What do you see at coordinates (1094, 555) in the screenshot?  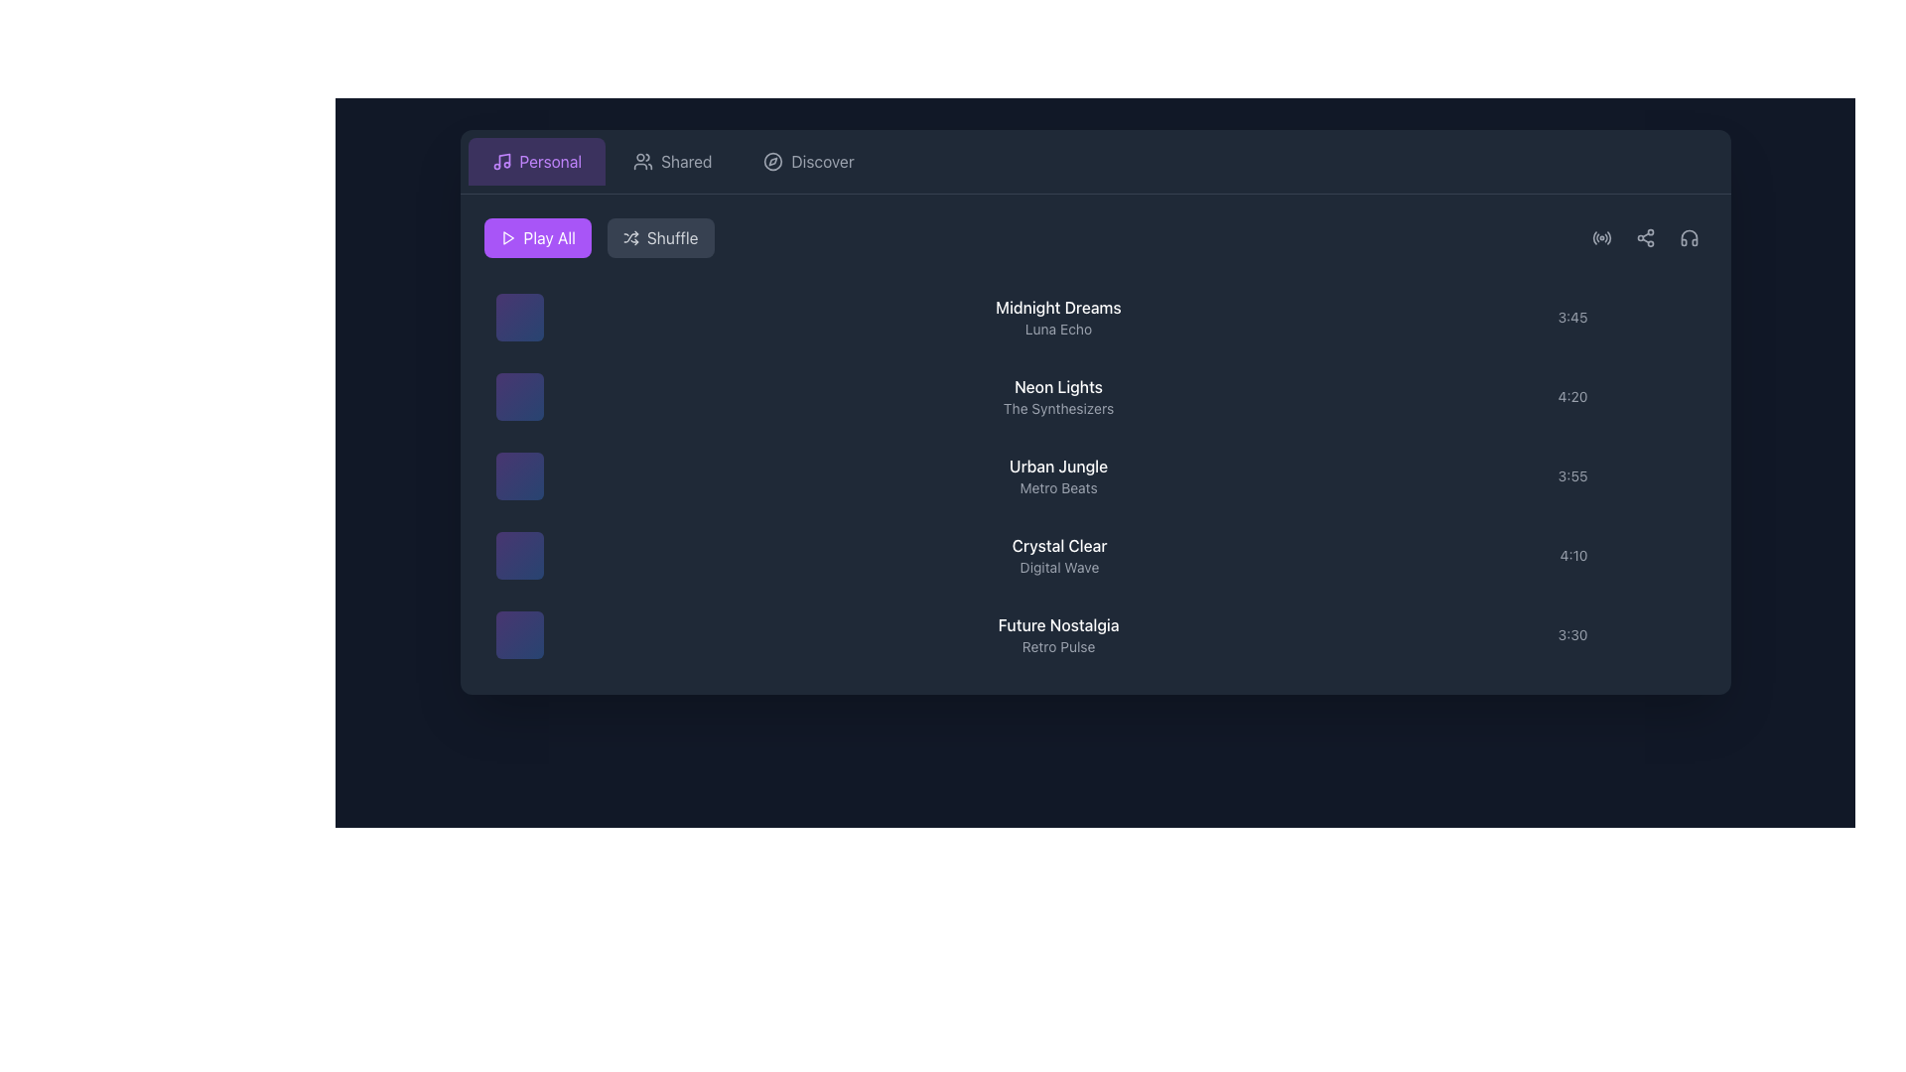 I see `the fourth item in the music list labeled 'Crystal Clear'` at bounding box center [1094, 555].